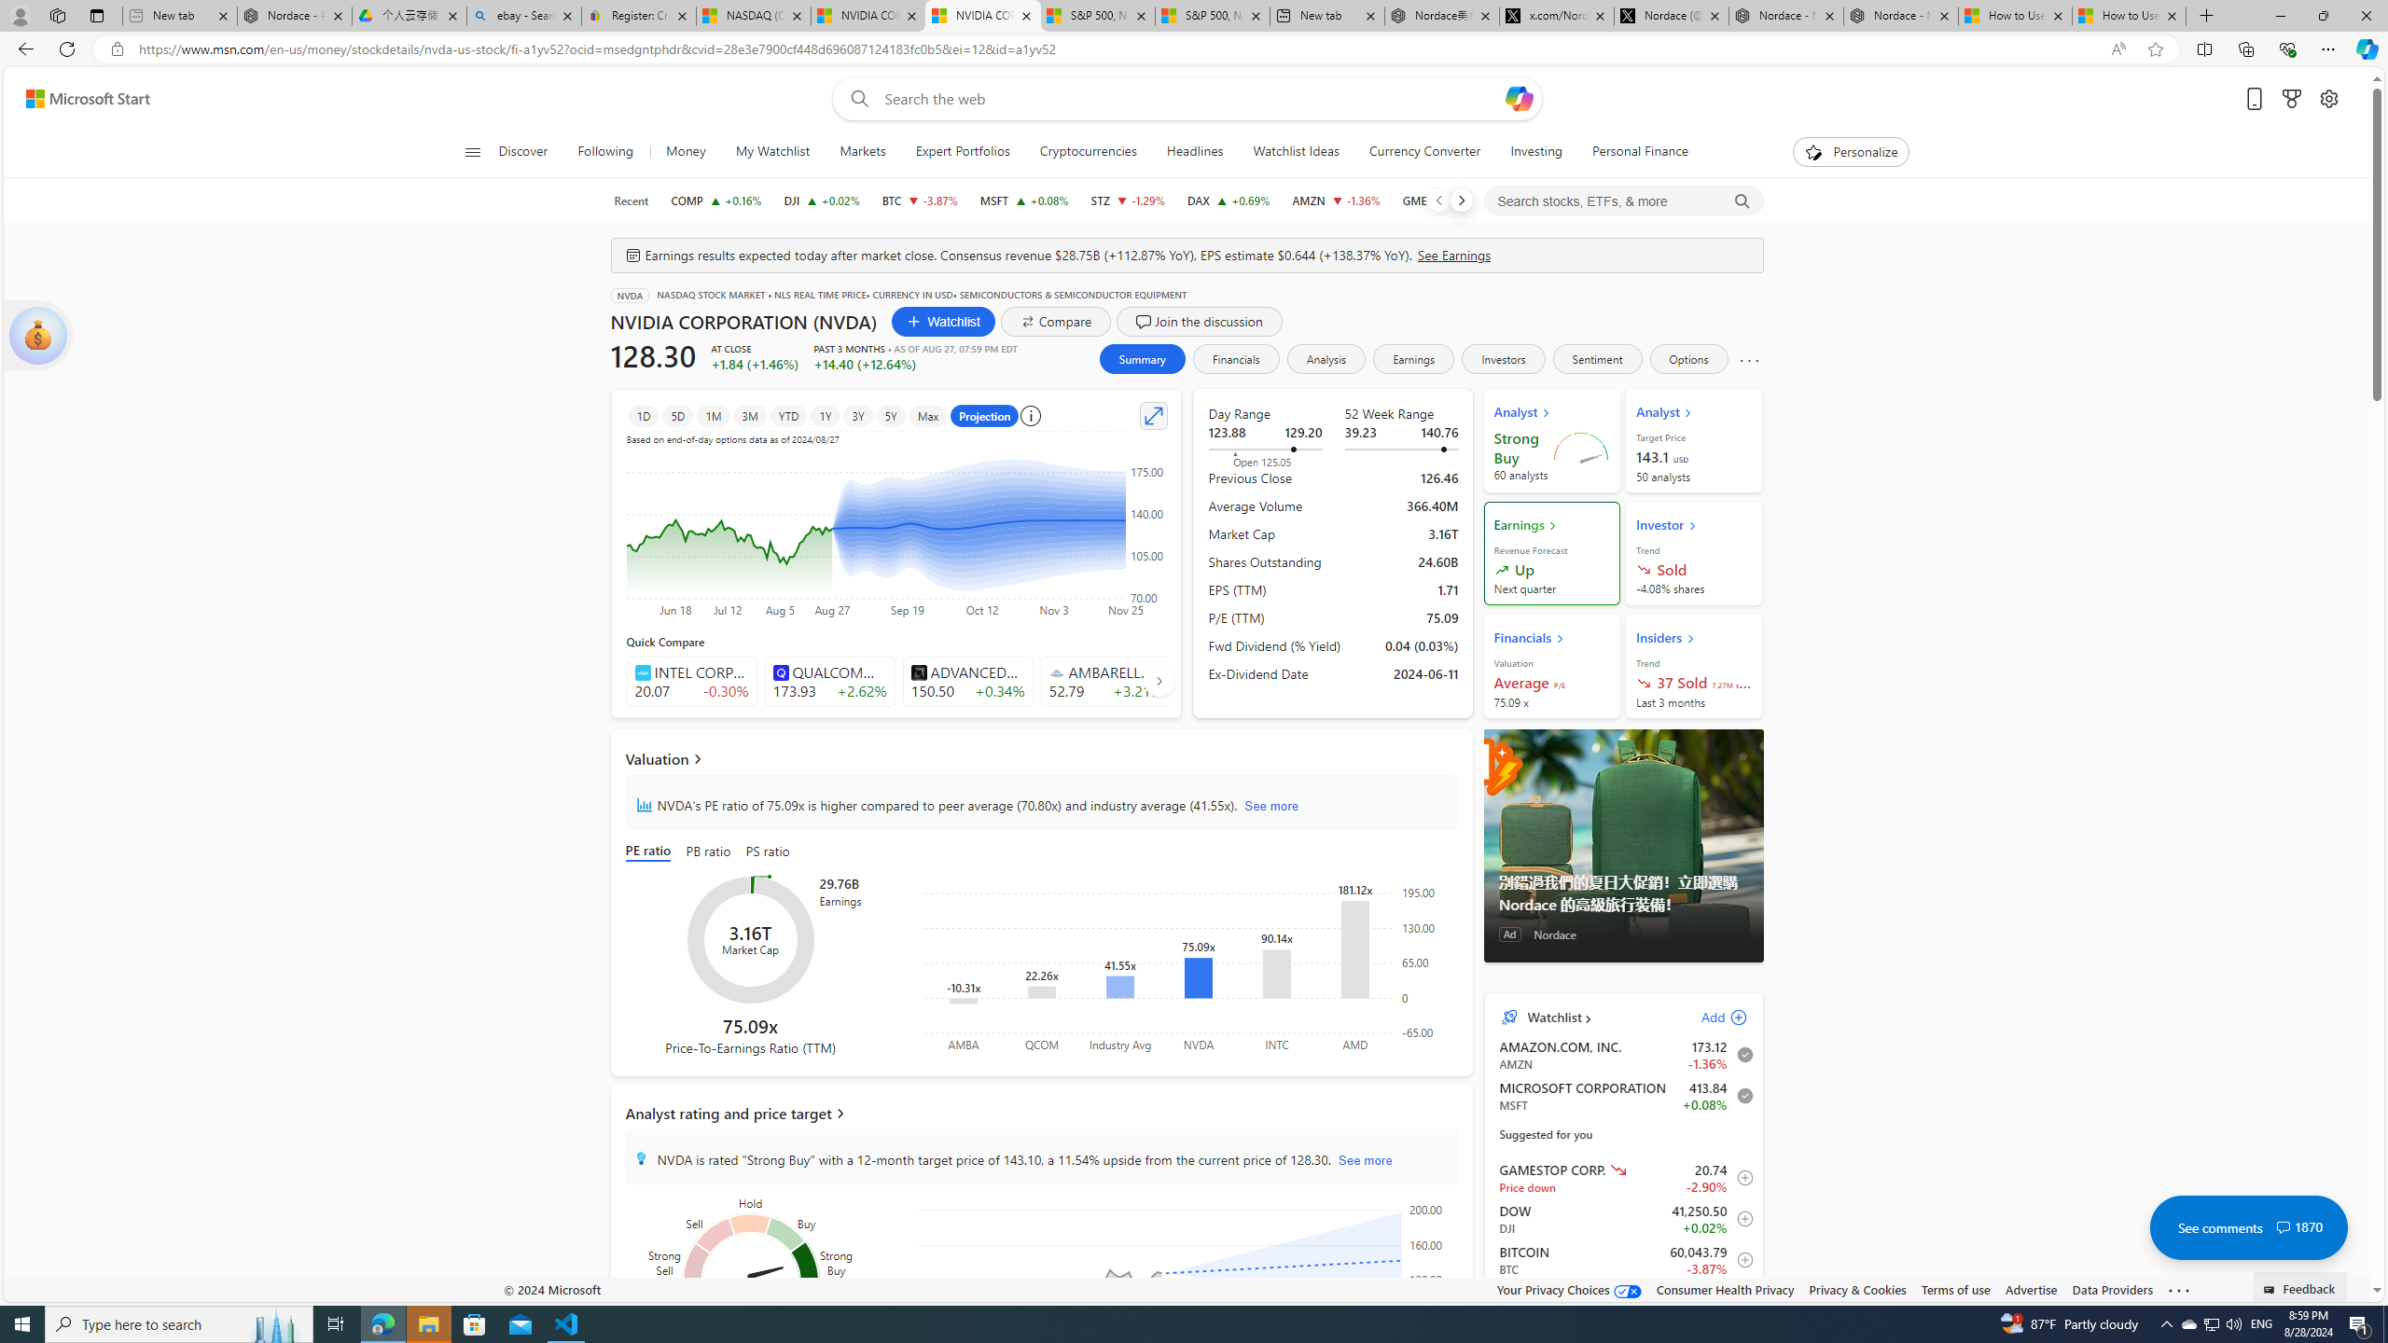 This screenshot has height=1343, width=2388. What do you see at coordinates (962, 151) in the screenshot?
I see `'Expert Portfolios'` at bounding box center [962, 151].